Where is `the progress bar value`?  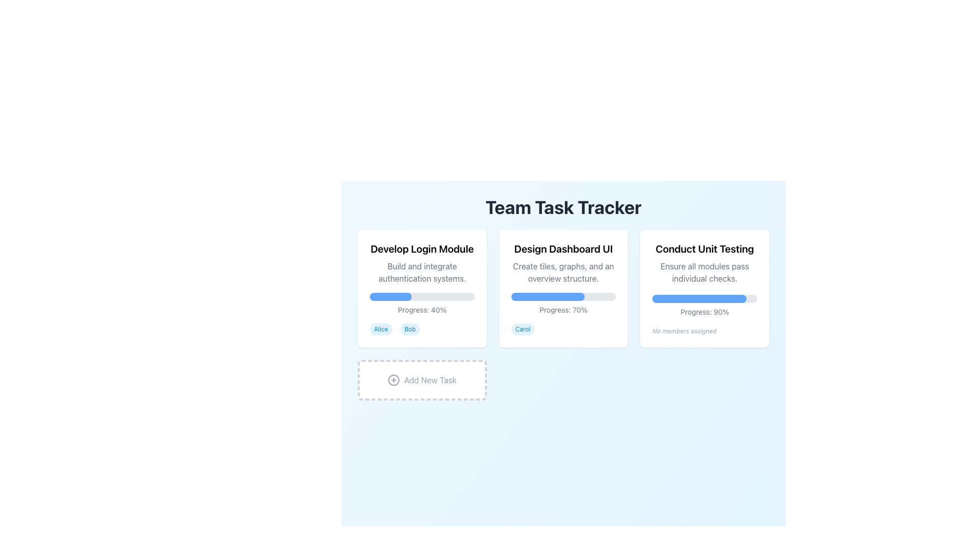
the progress bar value is located at coordinates (403, 296).